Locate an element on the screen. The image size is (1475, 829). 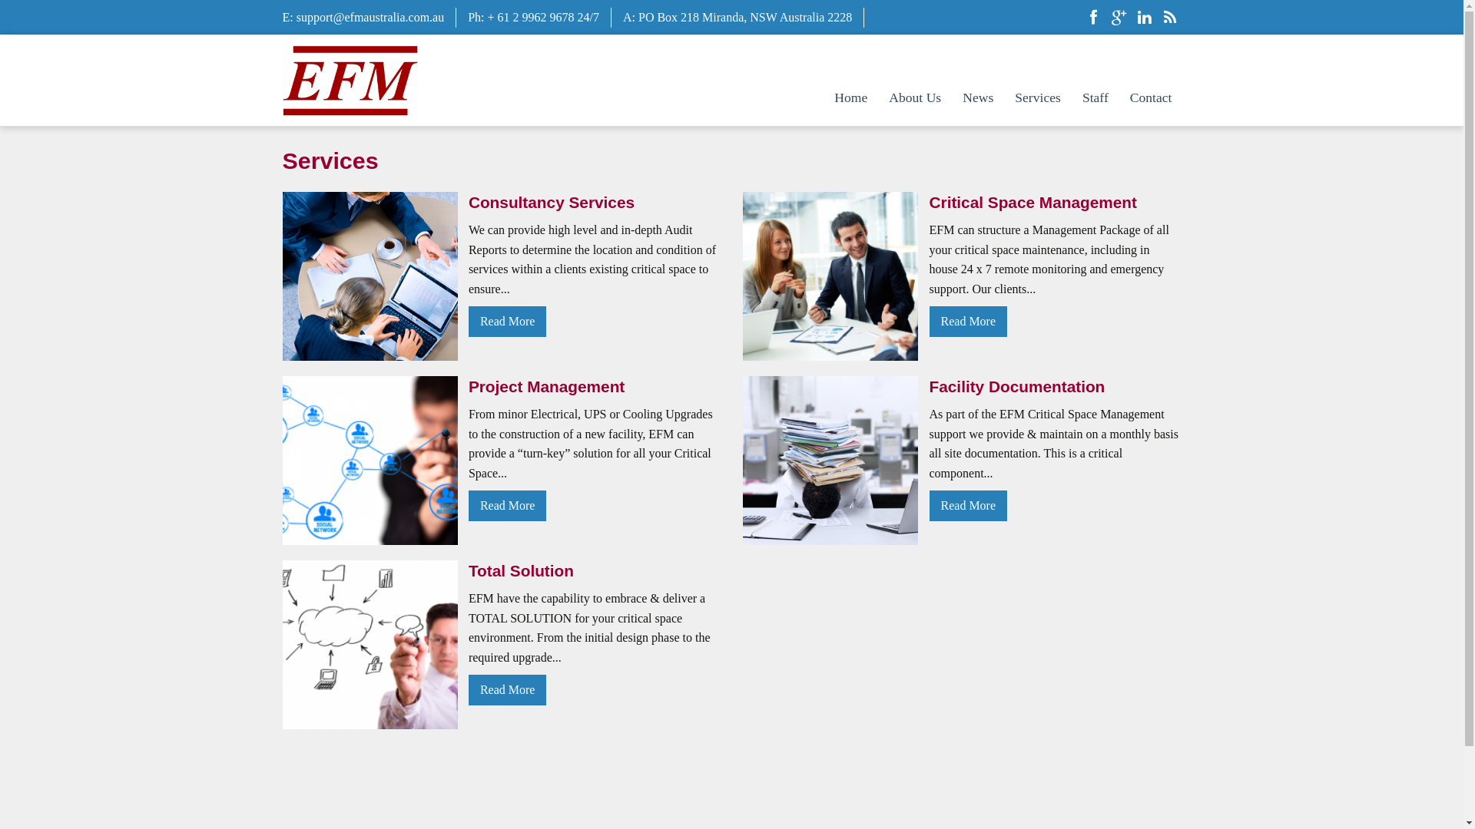
'Total Solution' is located at coordinates (593, 570).